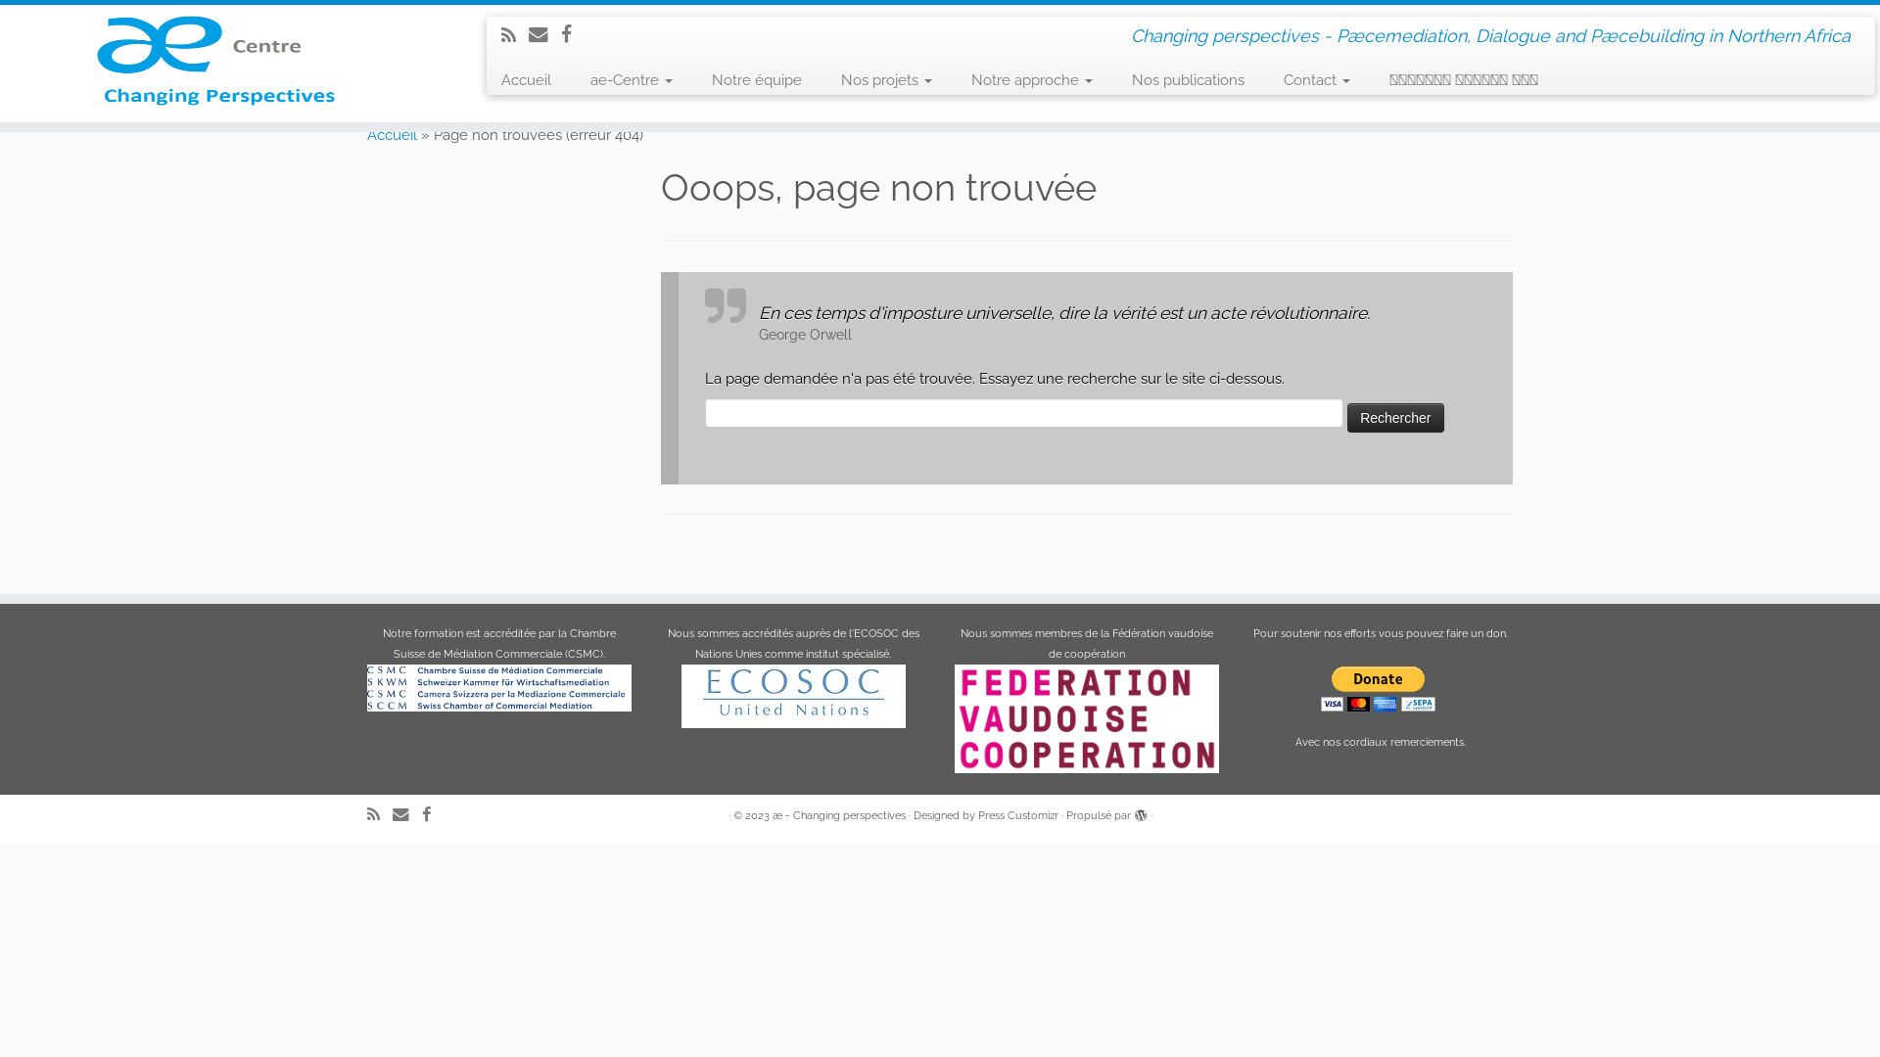  Describe the element at coordinates (406, 814) in the screenshot. I see `'E-mail'` at that location.